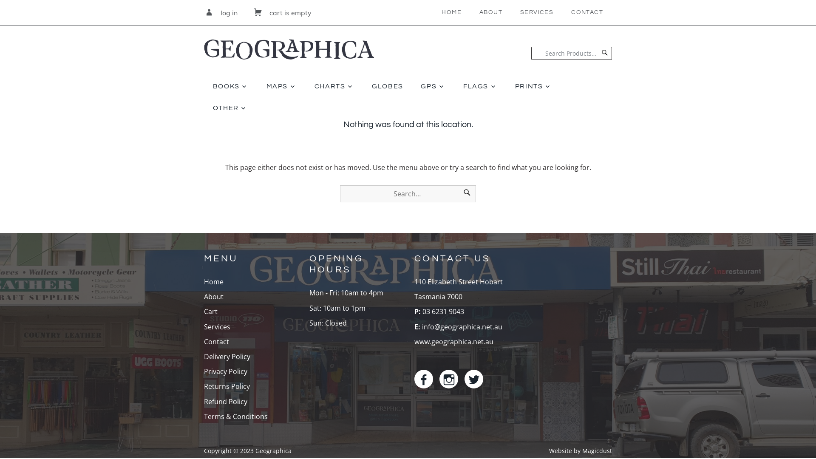 The width and height of the screenshot is (816, 459). What do you see at coordinates (451, 12) in the screenshot?
I see `'HOME'` at bounding box center [451, 12].